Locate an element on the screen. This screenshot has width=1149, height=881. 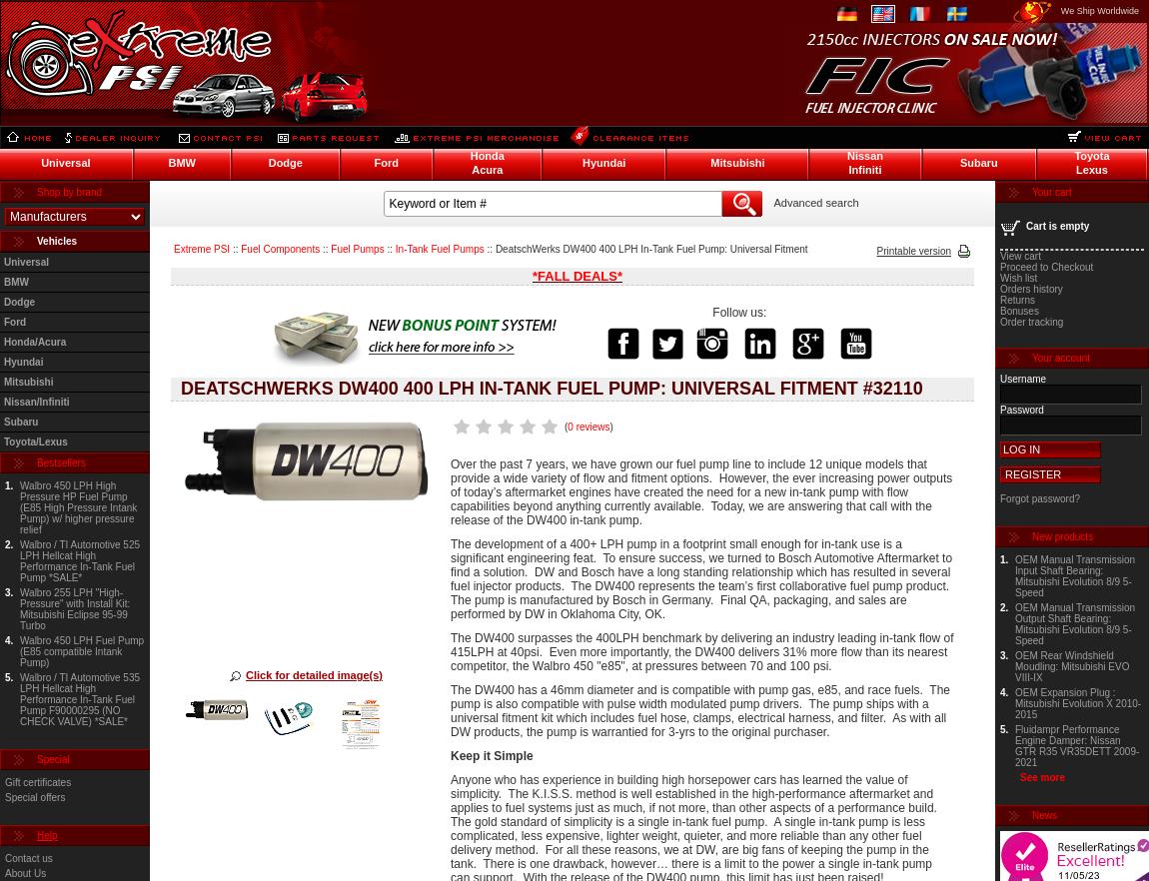
'Acura' is located at coordinates (471, 168).